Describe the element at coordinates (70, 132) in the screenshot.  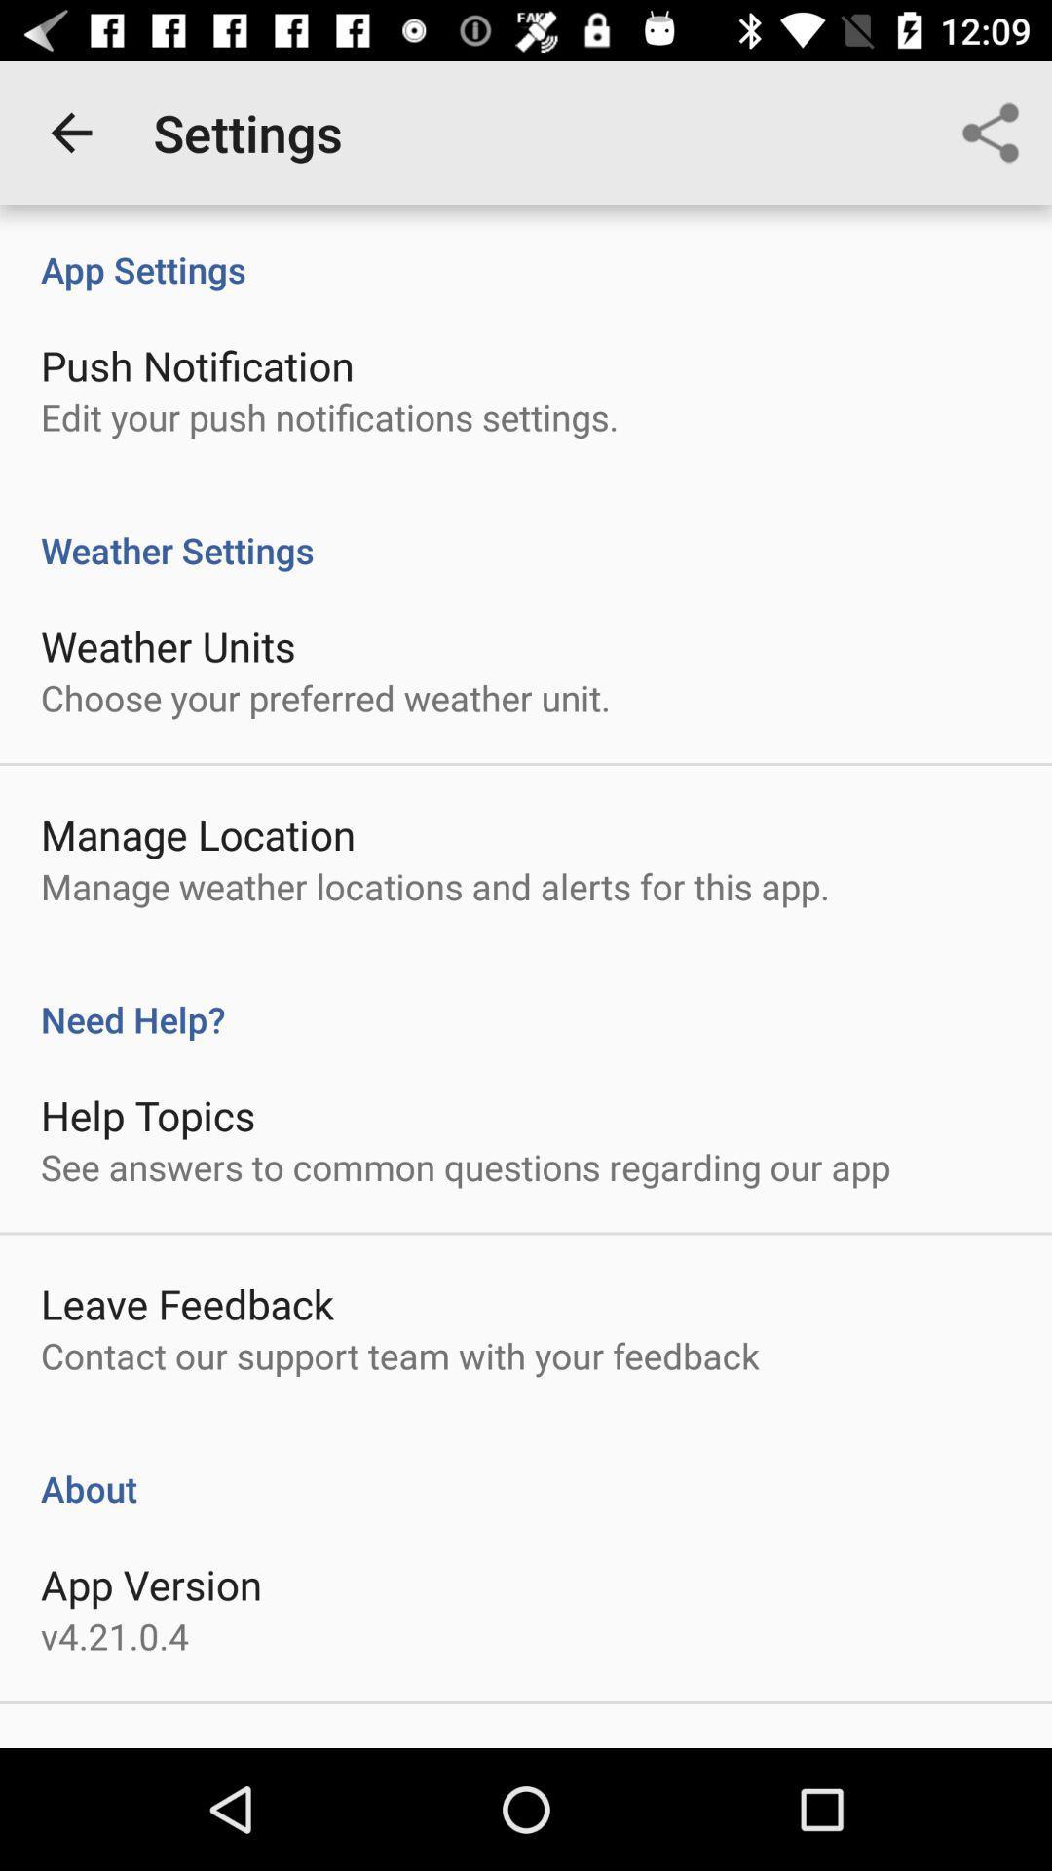
I see `item above the app settings item` at that location.